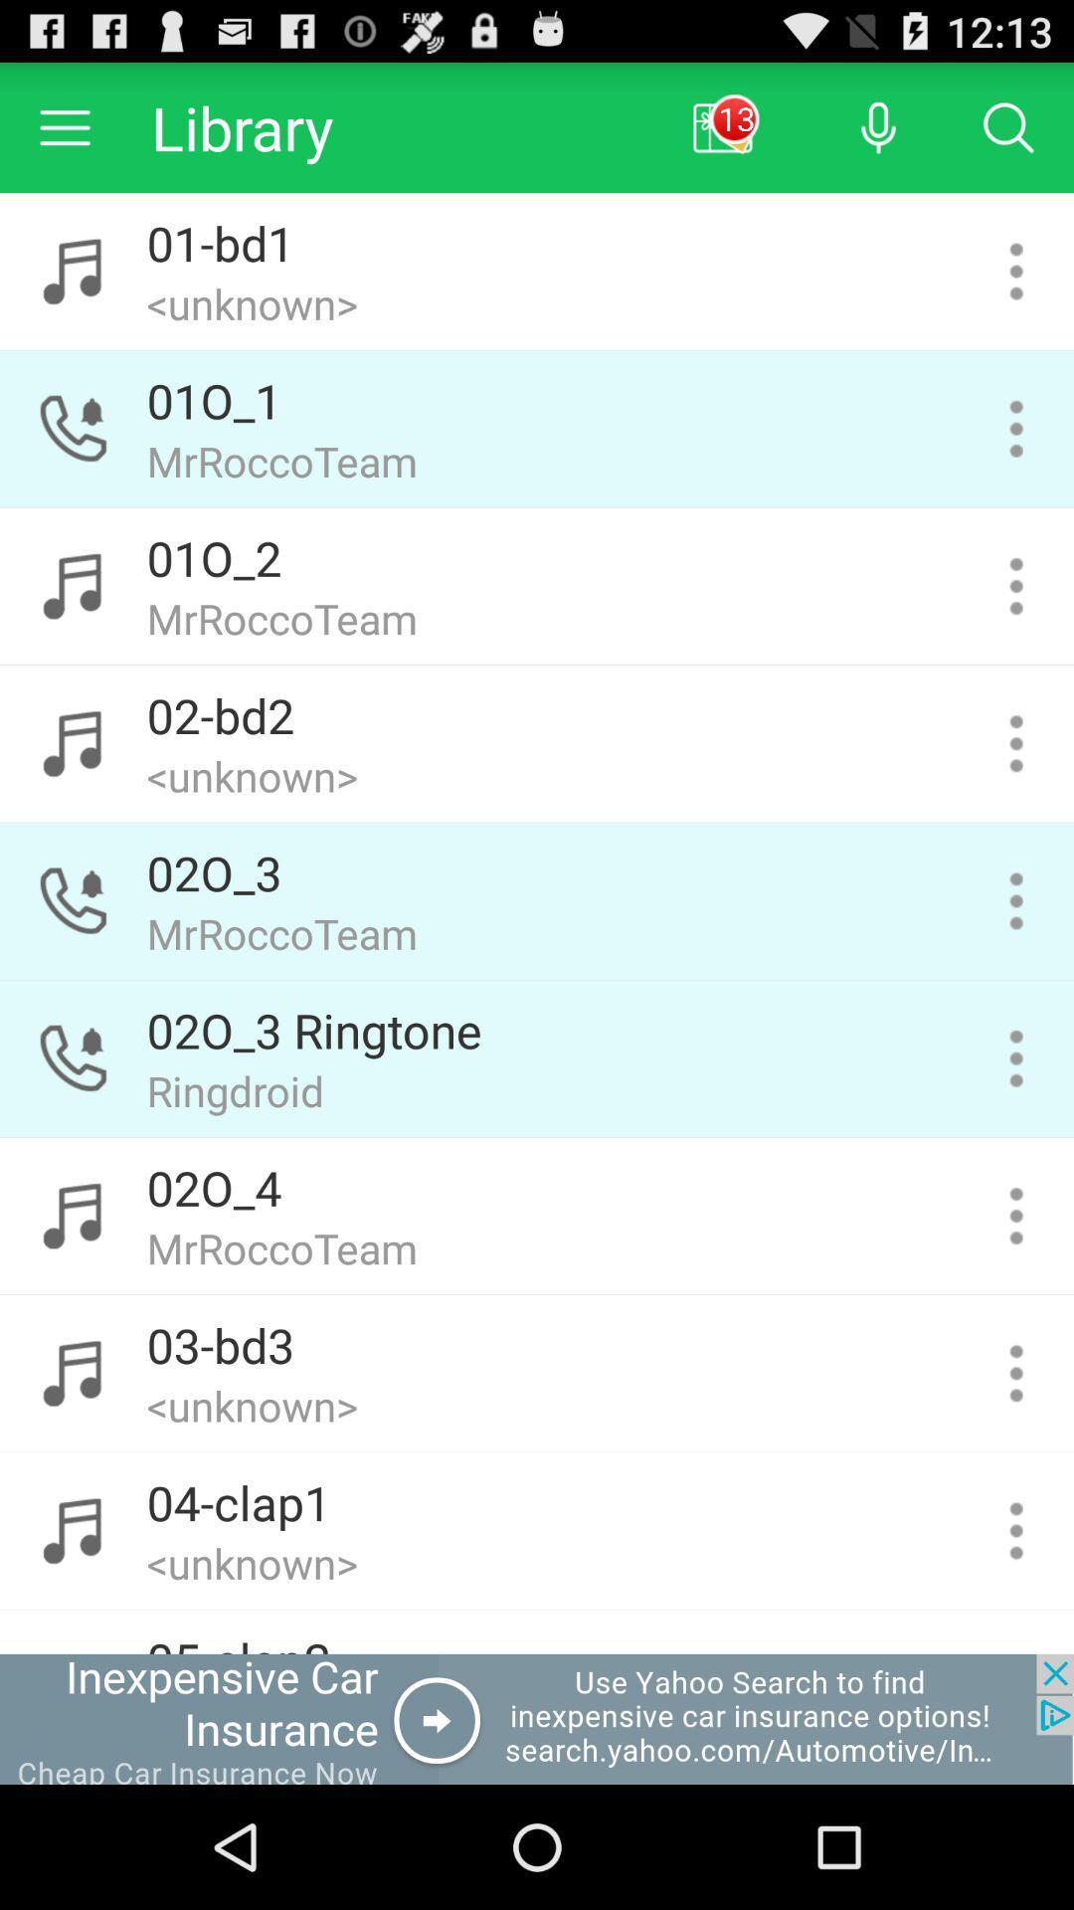 This screenshot has height=1910, width=1074. What do you see at coordinates (1016, 742) in the screenshot?
I see `music` at bounding box center [1016, 742].